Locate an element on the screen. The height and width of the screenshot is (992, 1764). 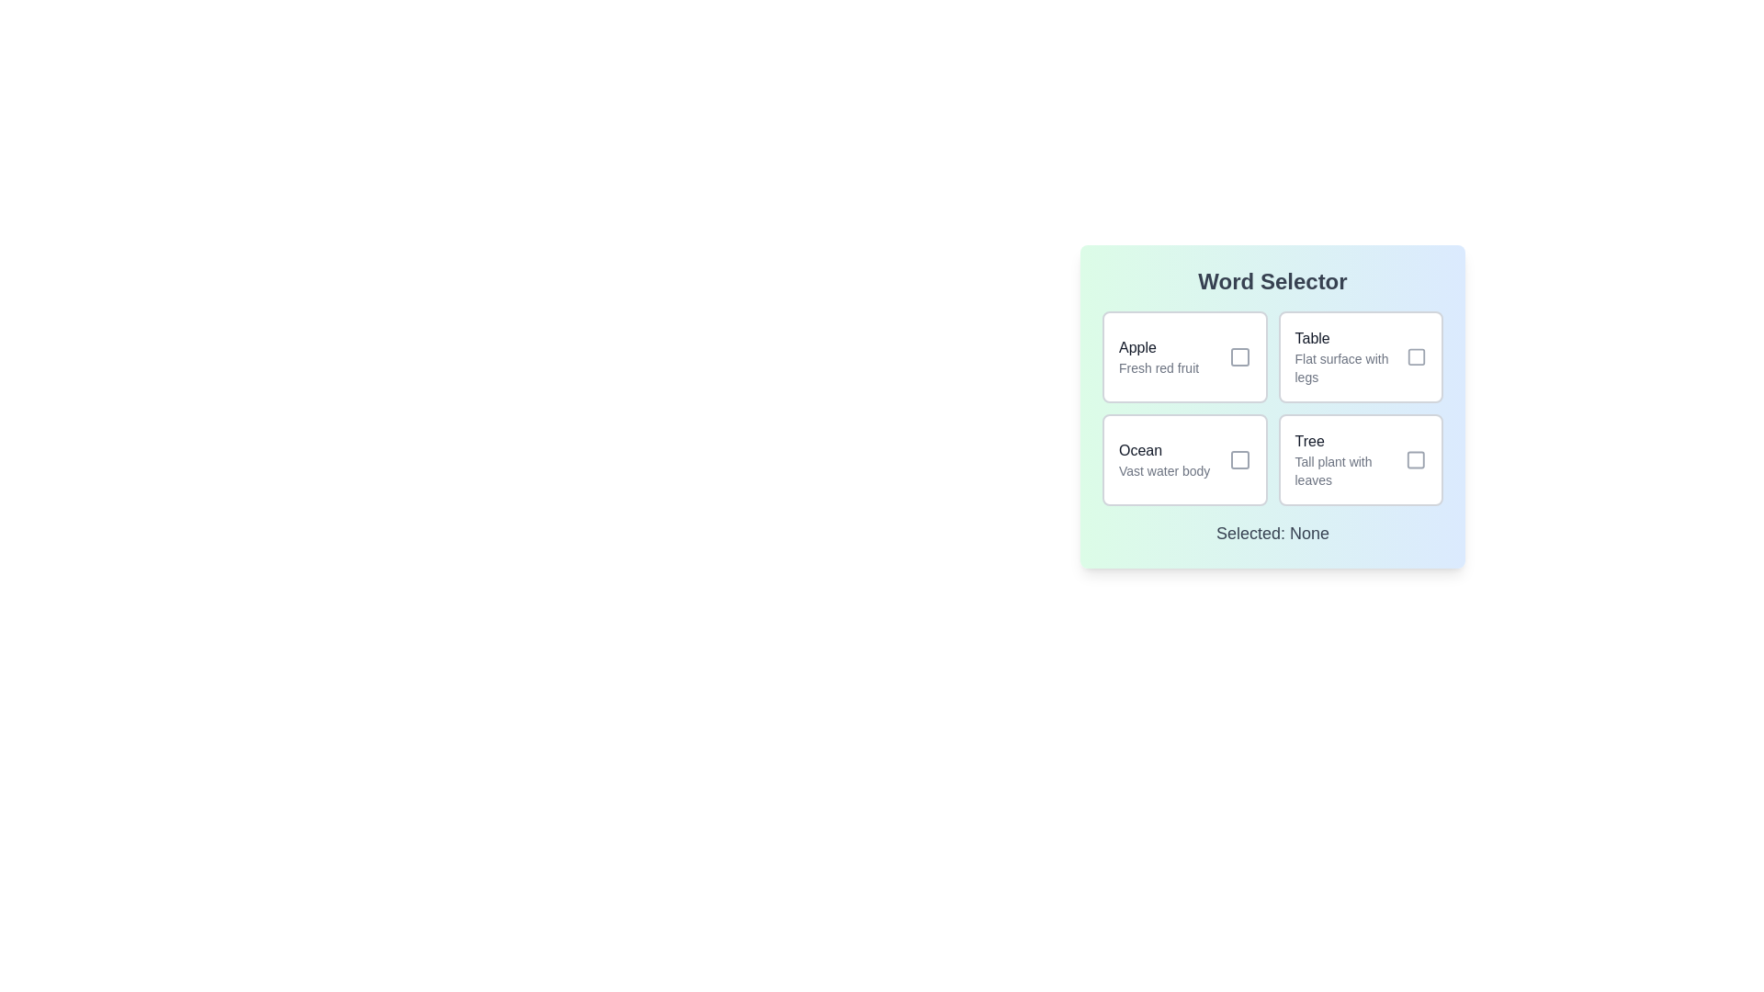
the button corresponding to the word Tree is located at coordinates (1361, 459).